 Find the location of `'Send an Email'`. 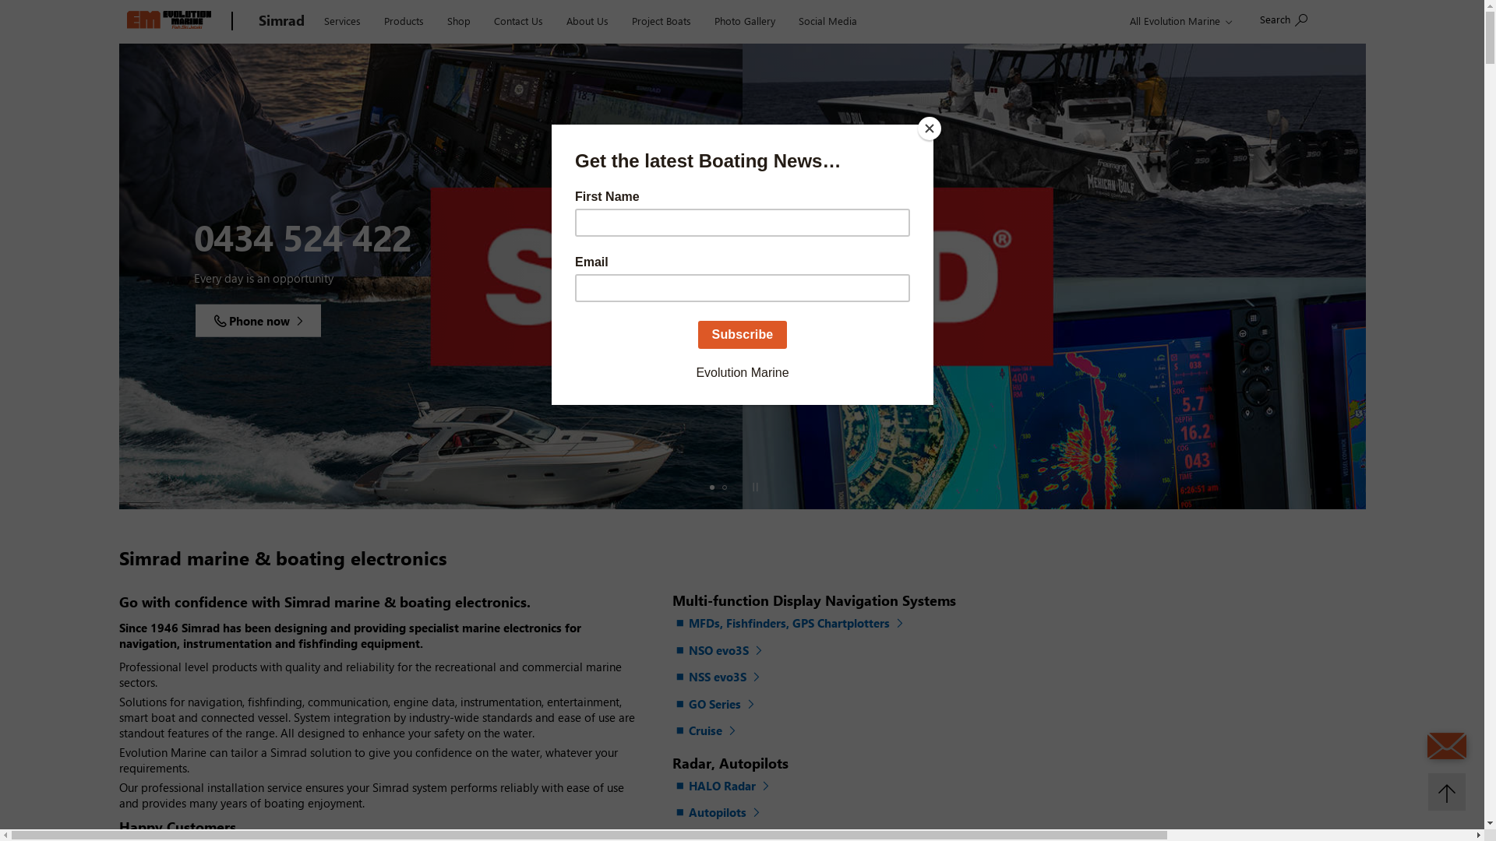

'Send an Email' is located at coordinates (1446, 744).